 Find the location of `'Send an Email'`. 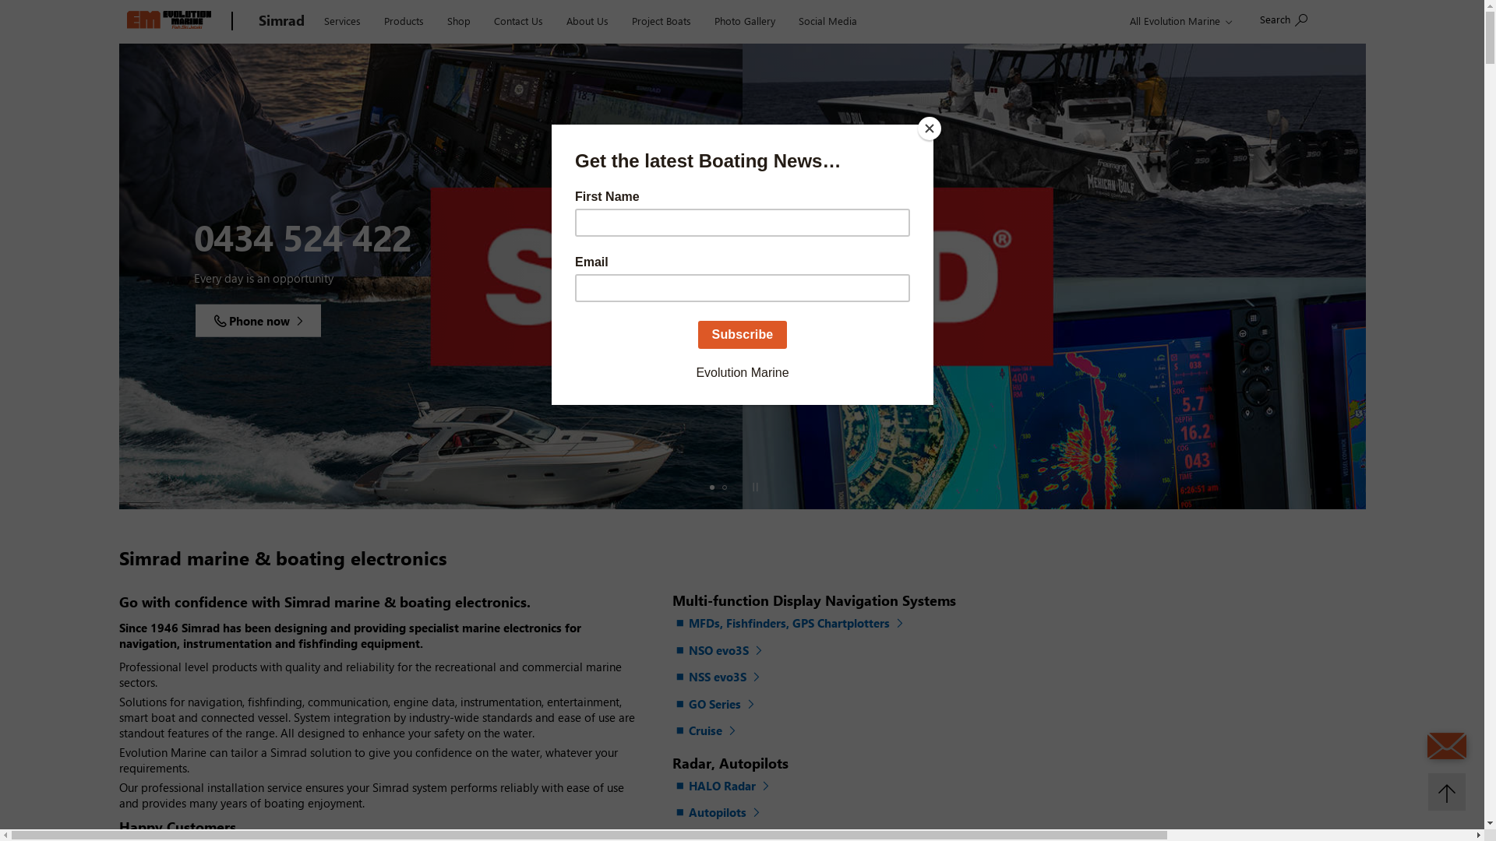

'Send an Email' is located at coordinates (1446, 744).